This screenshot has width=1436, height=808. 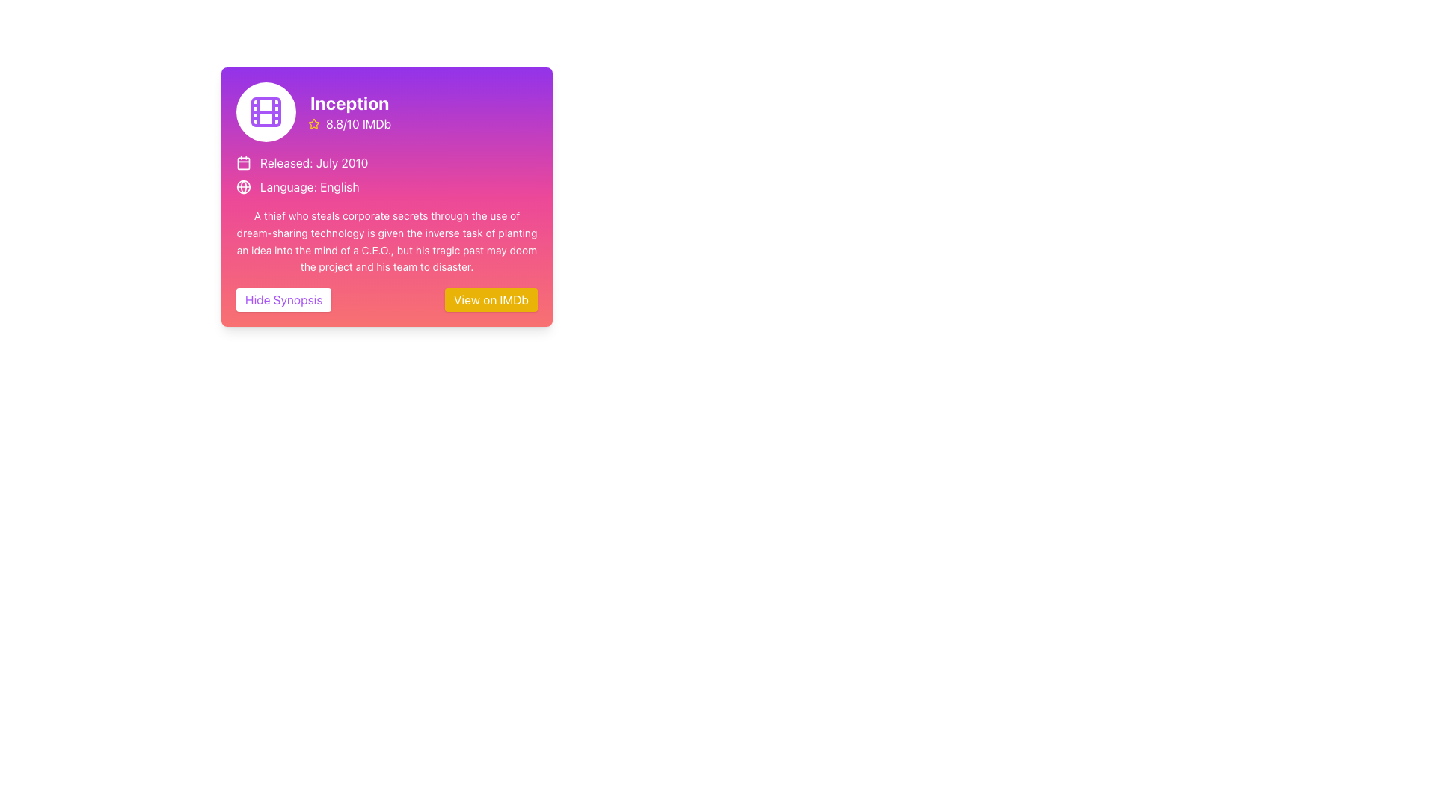 I want to click on the star icon that visually indicates the IMDb rating, located to the left of the text '8.8/10 IMDb', so click(x=313, y=123).